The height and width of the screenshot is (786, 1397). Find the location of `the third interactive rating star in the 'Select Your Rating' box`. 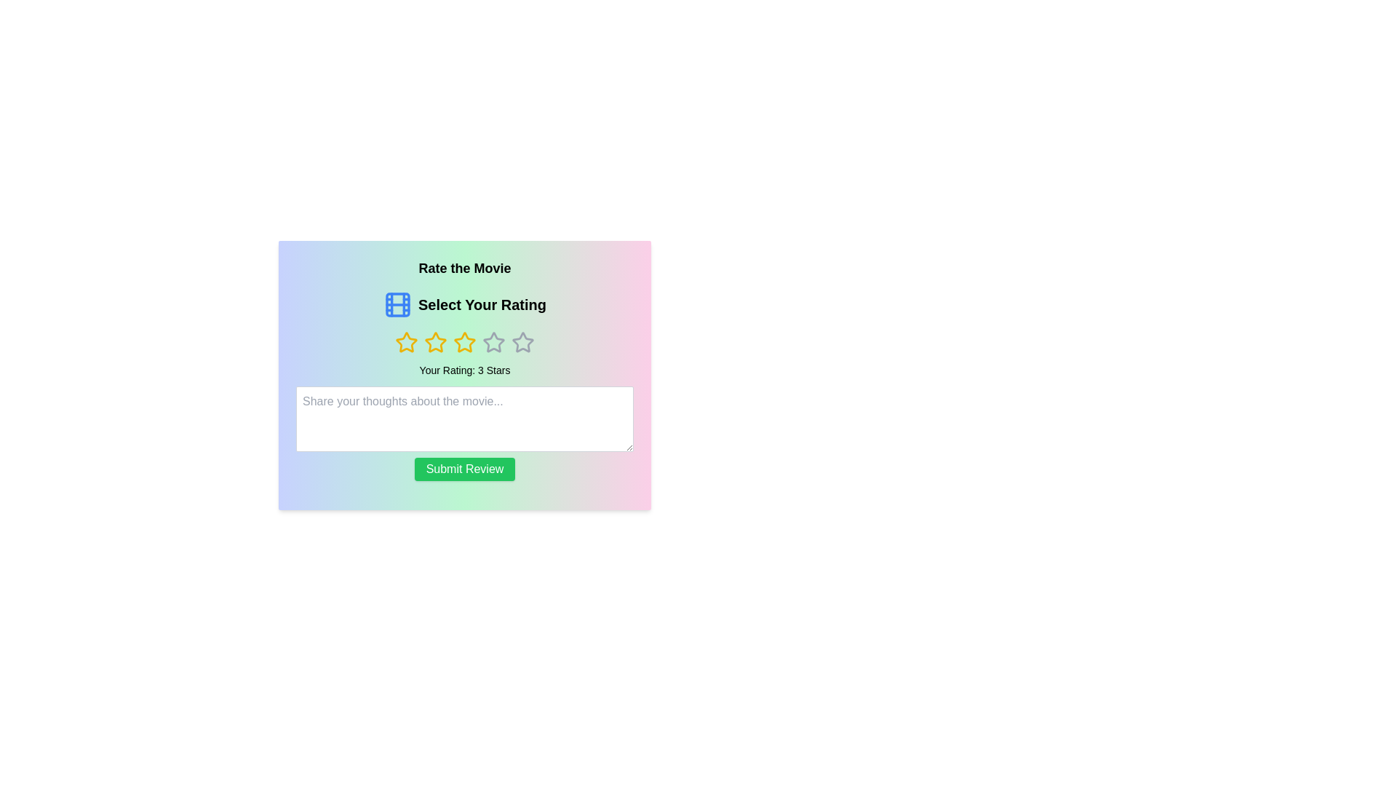

the third interactive rating star in the 'Select Your Rating' box is located at coordinates (435, 342).